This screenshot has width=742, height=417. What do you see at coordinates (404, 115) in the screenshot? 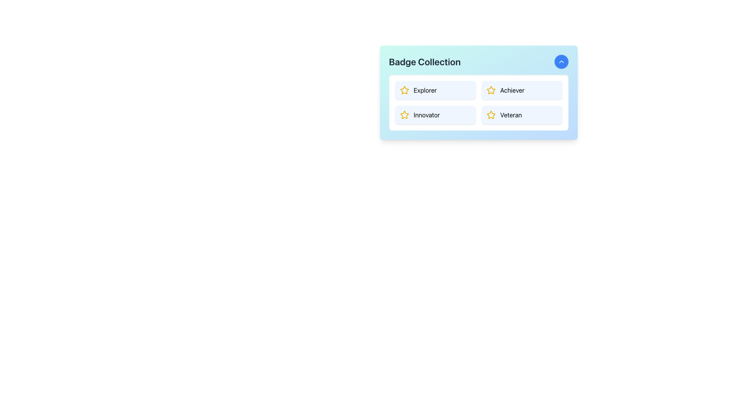
I see `the star-shaped icon with a yellow border located in the 'Badge Collection' to the left of the 'Innovator' label` at bounding box center [404, 115].